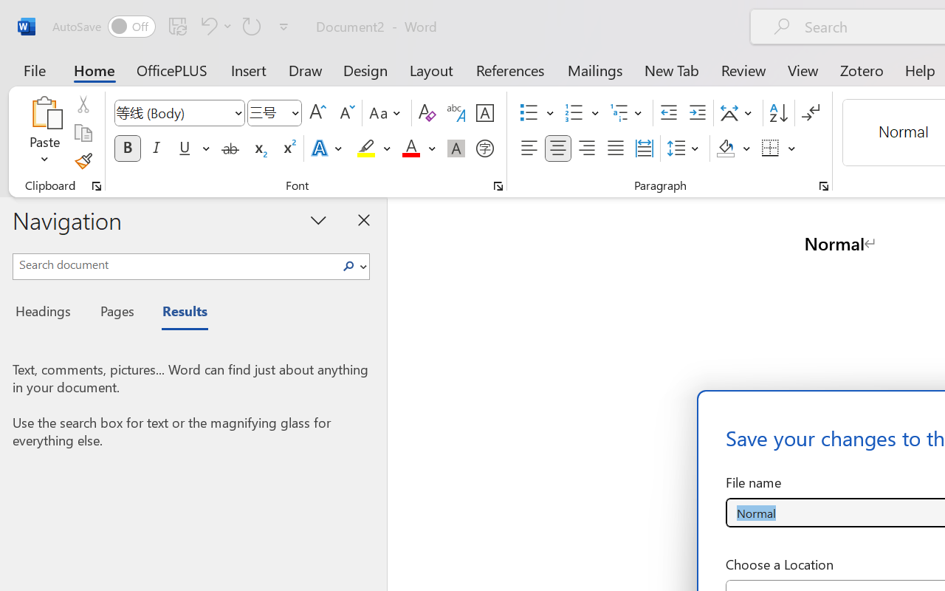 The width and height of the screenshot is (945, 591). Describe the element at coordinates (230, 148) in the screenshot. I see `'Strikethrough'` at that location.